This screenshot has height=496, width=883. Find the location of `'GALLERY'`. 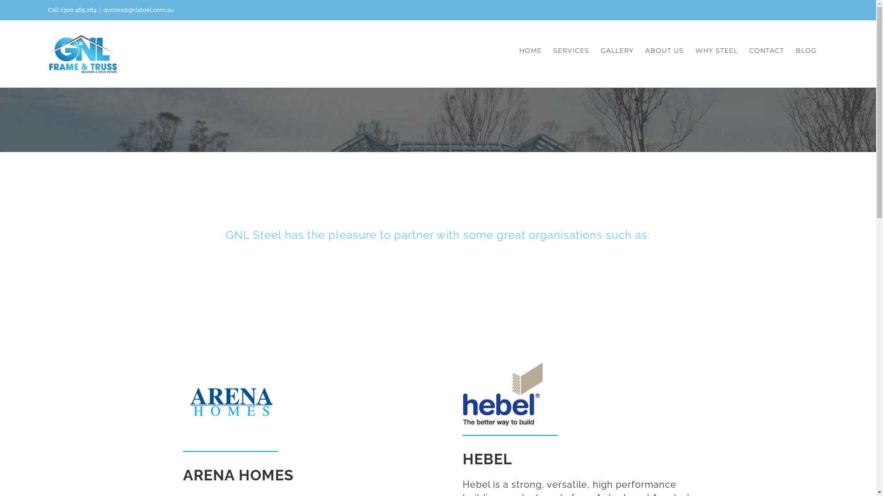

'GALLERY' is located at coordinates (617, 51).